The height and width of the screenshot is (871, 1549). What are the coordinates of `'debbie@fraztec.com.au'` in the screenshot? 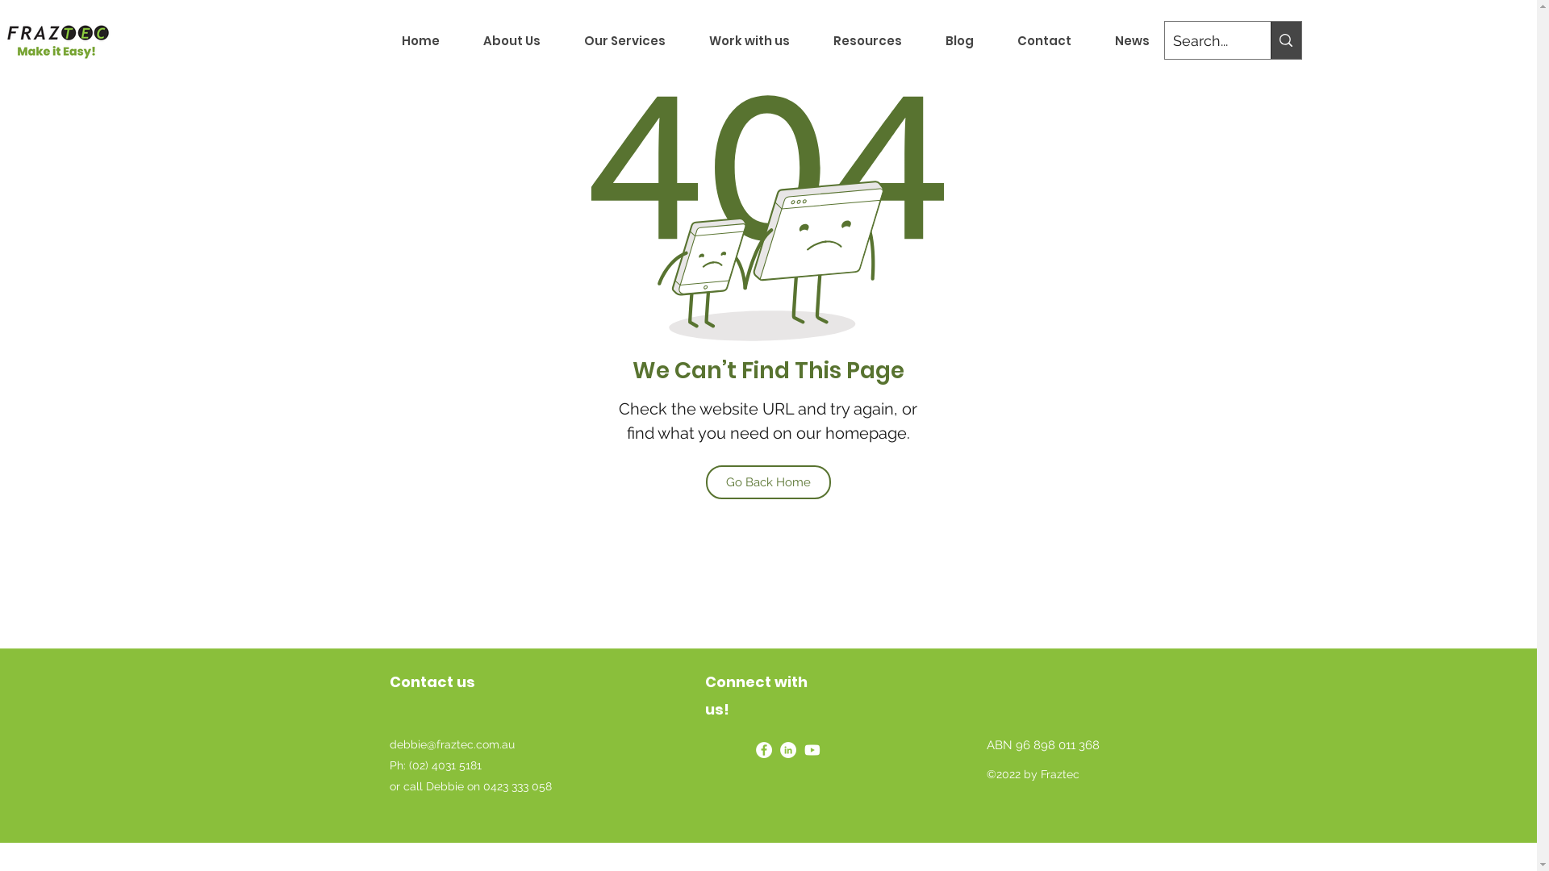 It's located at (451, 743).